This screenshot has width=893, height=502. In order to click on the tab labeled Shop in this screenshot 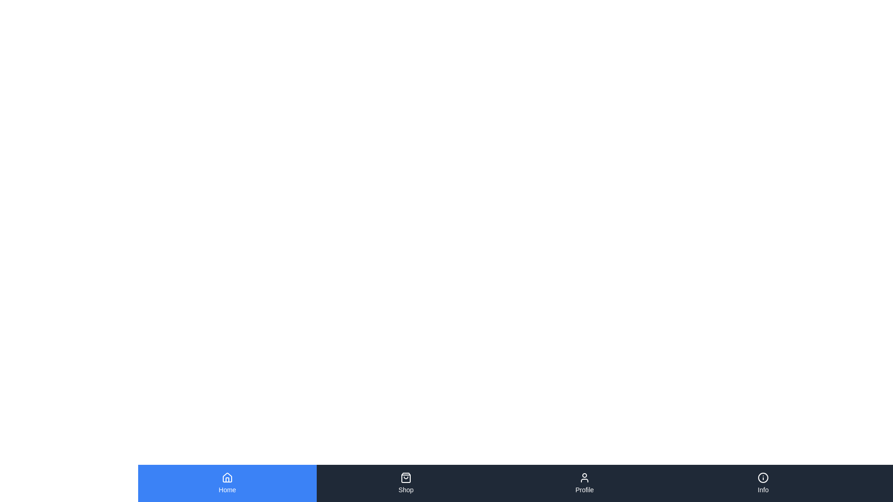, I will do `click(406, 483)`.